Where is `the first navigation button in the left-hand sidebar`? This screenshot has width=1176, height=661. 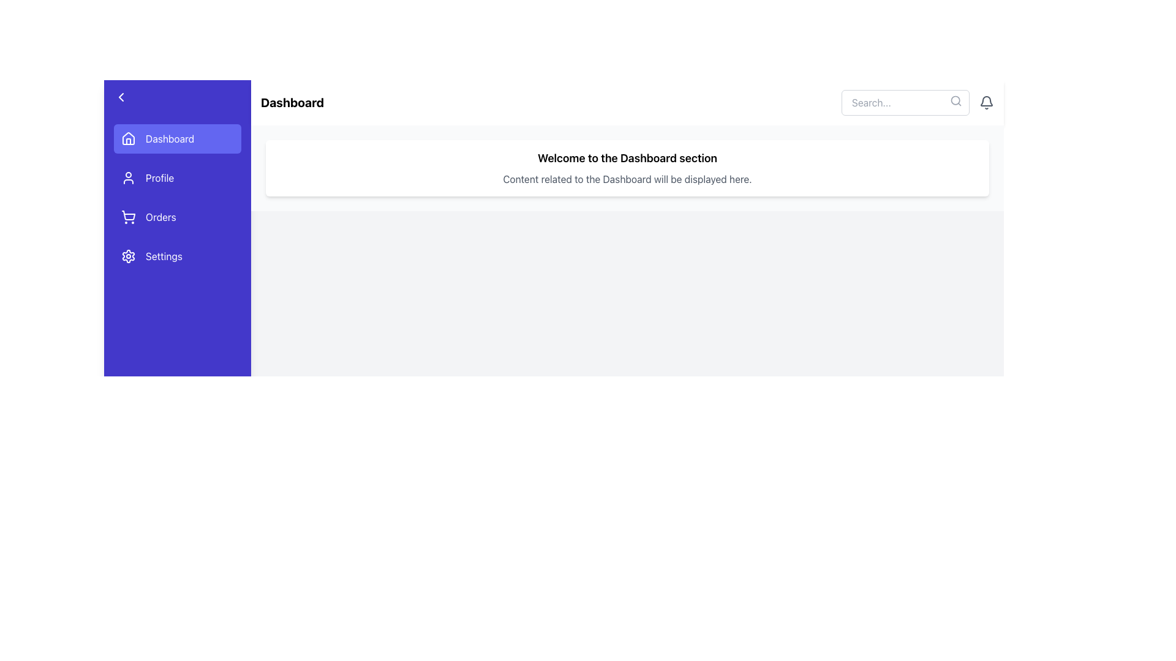
the first navigation button in the left-hand sidebar is located at coordinates (176, 138).